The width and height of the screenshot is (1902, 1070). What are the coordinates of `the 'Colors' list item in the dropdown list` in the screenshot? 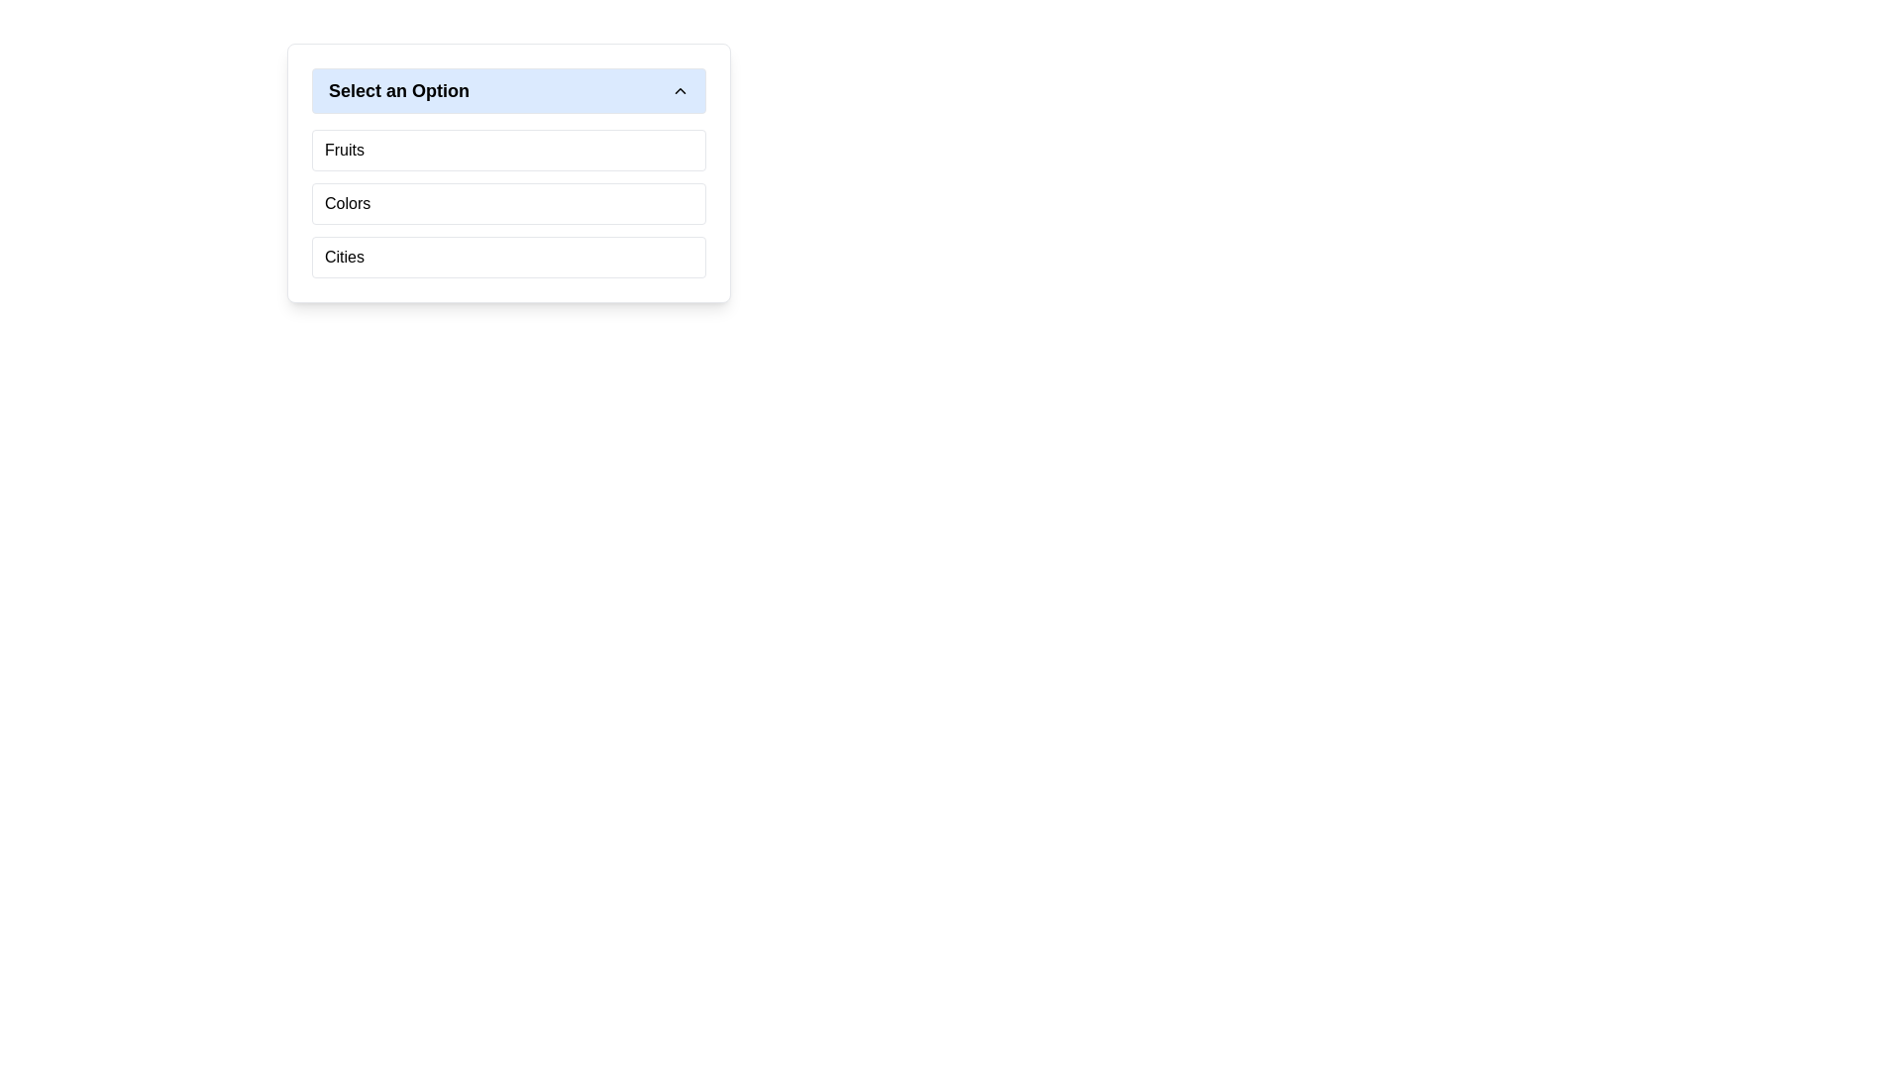 It's located at (508, 203).